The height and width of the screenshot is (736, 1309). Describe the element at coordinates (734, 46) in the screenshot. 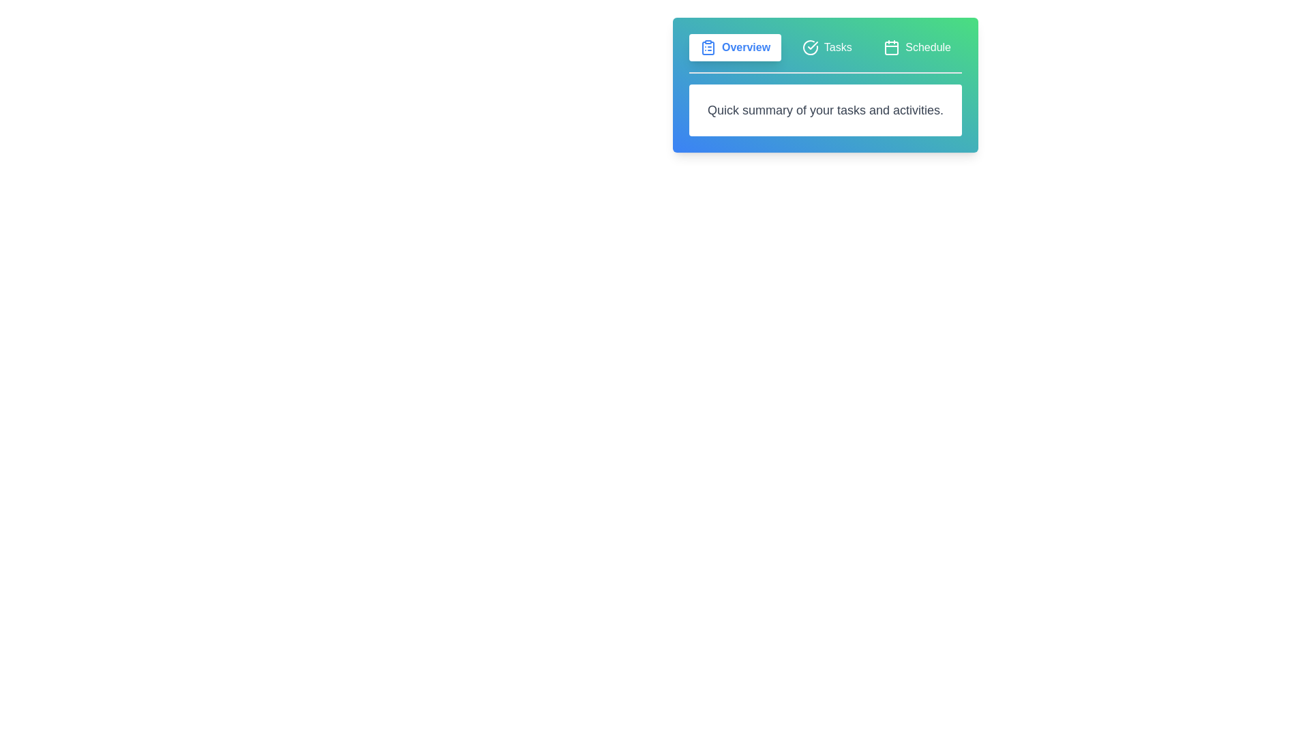

I see `the Overview tab by clicking on it` at that location.